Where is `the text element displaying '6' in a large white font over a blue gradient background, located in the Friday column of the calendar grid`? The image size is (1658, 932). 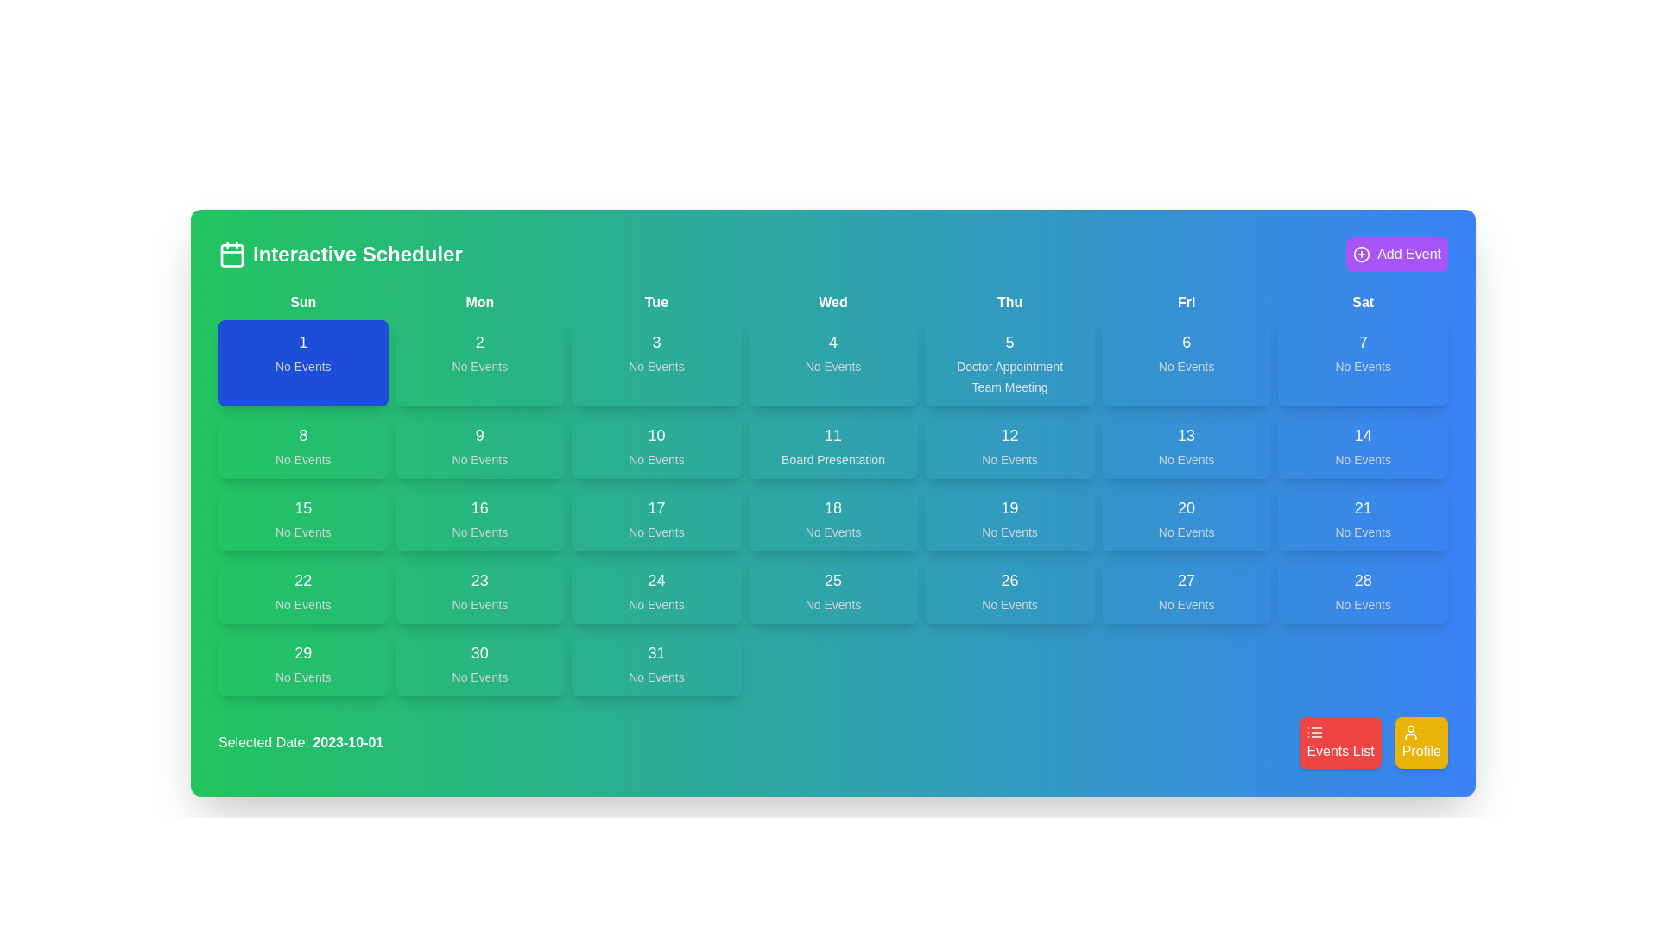
the text element displaying '6' in a large white font over a blue gradient background, located in the Friday column of the calendar grid is located at coordinates (1185, 343).